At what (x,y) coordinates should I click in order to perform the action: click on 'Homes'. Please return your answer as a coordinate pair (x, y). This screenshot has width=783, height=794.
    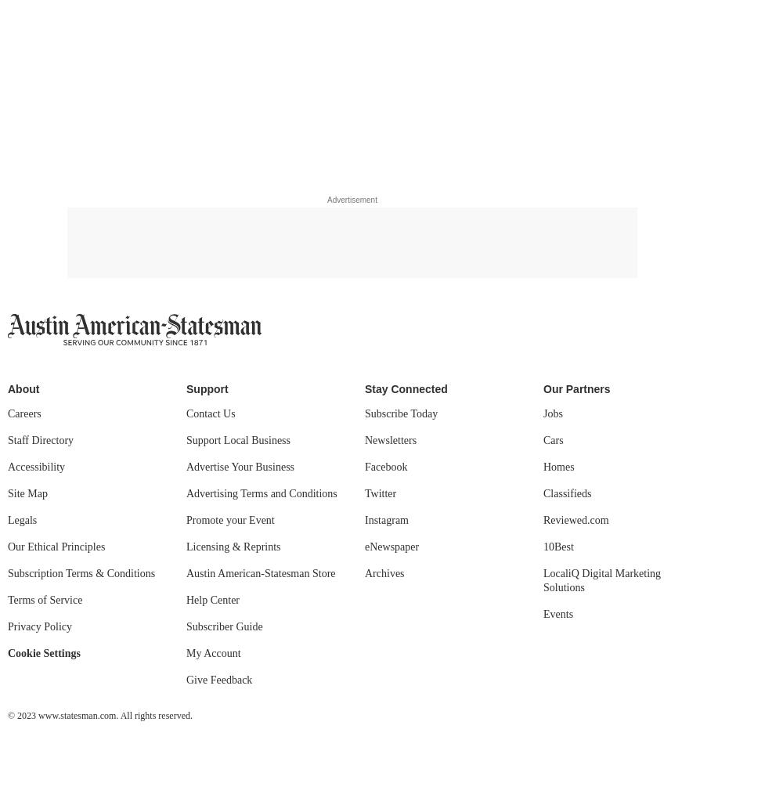
    Looking at the image, I should click on (543, 467).